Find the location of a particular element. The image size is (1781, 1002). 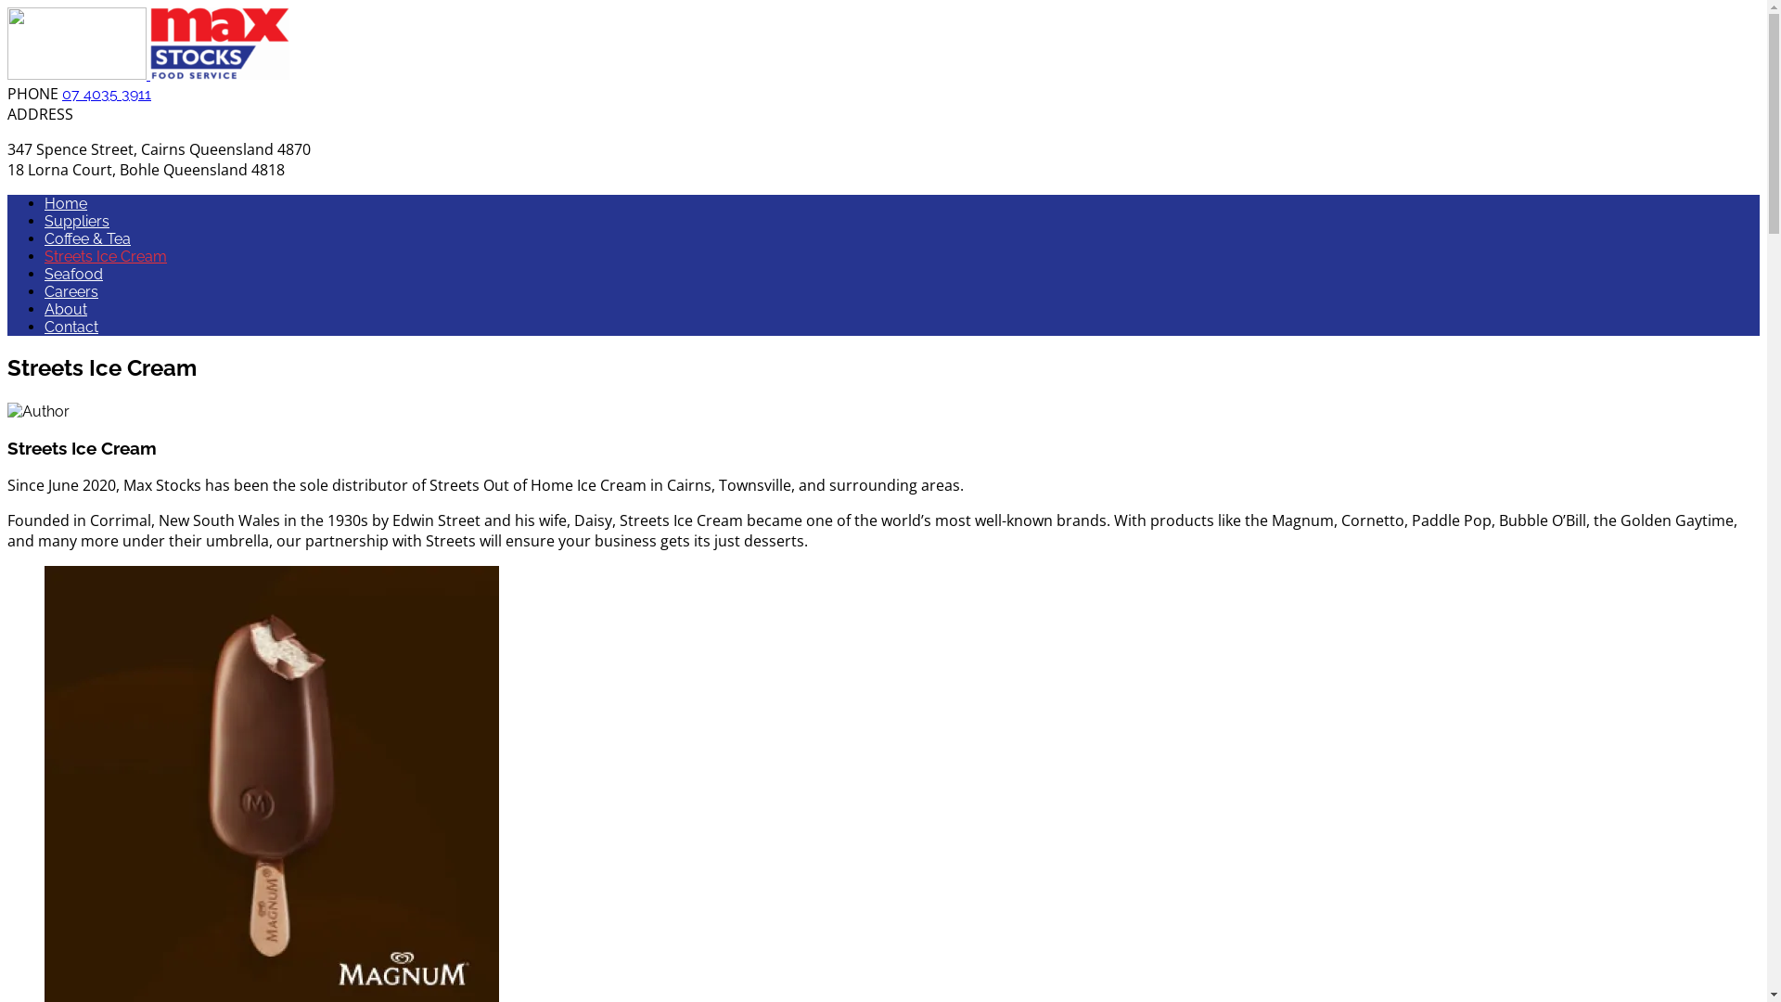

'Contact' is located at coordinates (70, 326).